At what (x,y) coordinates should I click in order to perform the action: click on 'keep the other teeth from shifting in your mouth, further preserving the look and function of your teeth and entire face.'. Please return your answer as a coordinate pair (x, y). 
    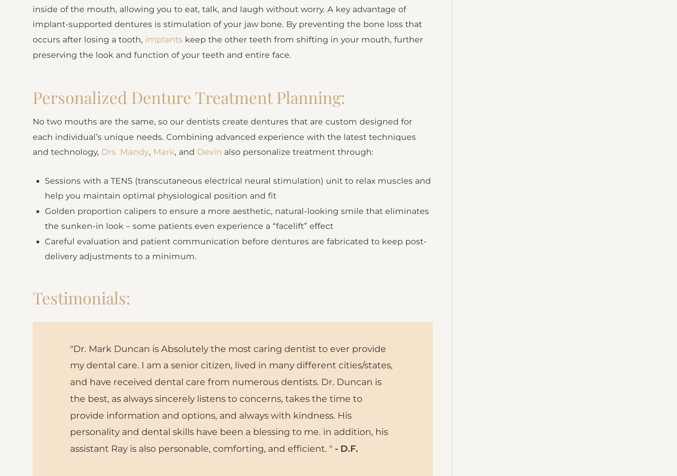
    Looking at the image, I should click on (228, 61).